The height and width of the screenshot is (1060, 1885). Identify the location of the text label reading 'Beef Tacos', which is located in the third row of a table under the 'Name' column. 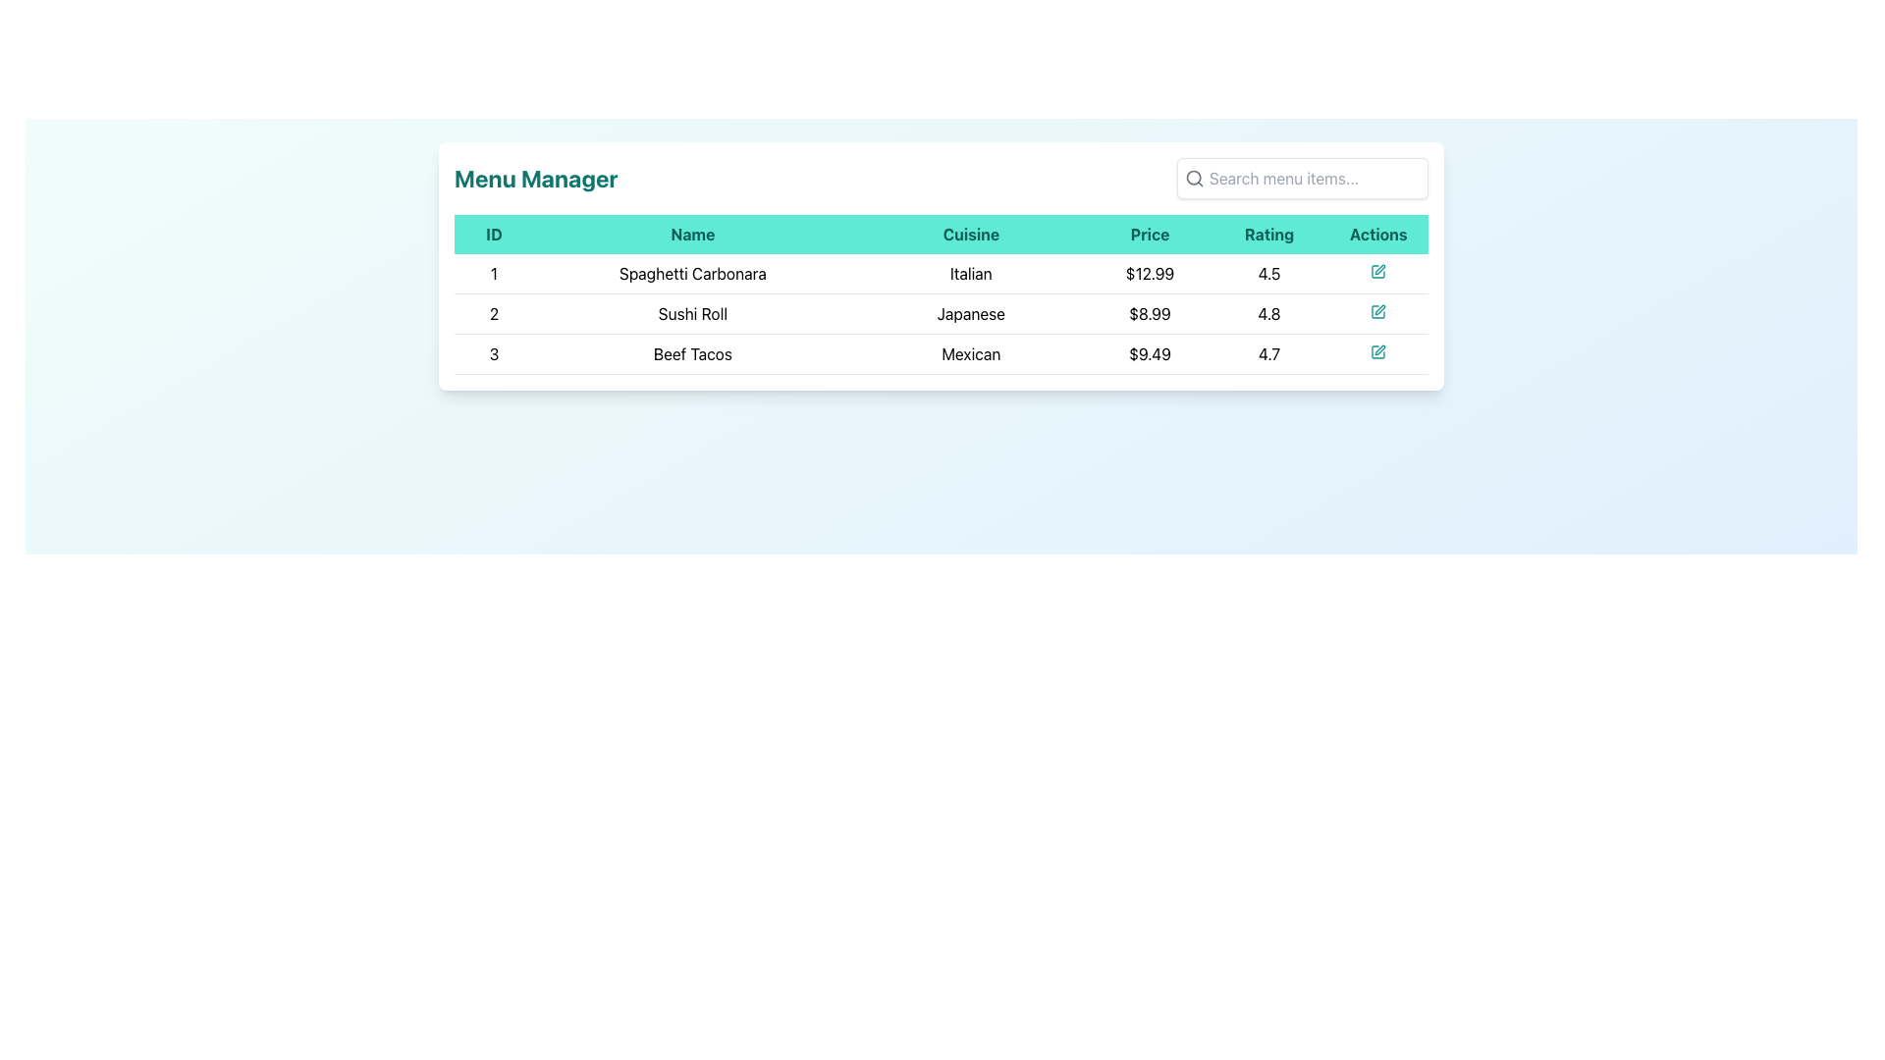
(692, 354).